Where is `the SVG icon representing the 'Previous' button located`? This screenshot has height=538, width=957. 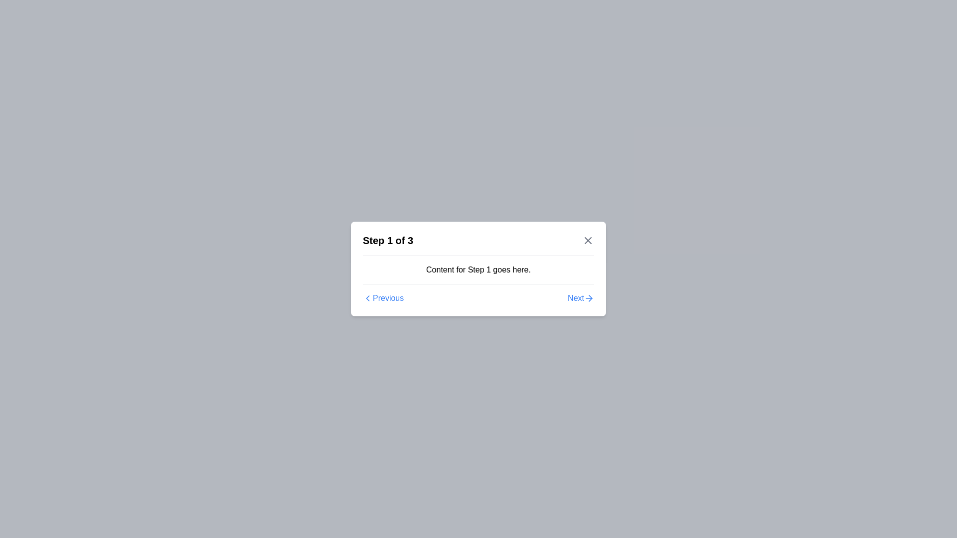
the SVG icon representing the 'Previous' button located is located at coordinates (367, 297).